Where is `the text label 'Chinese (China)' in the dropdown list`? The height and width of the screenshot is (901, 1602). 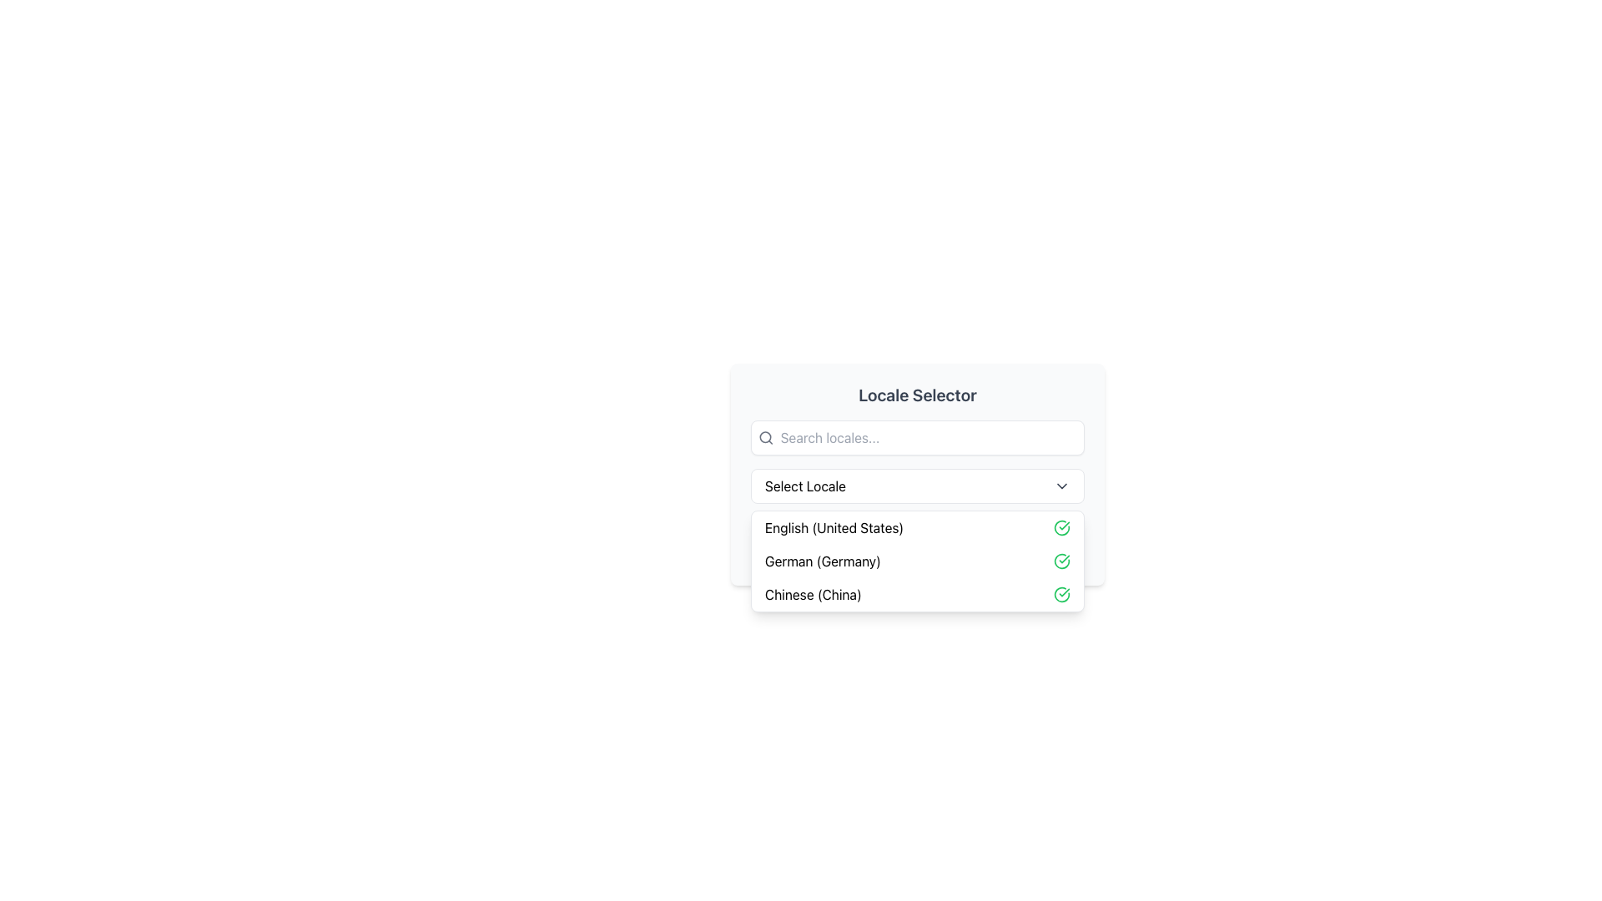
the text label 'Chinese (China)' in the dropdown list is located at coordinates (813, 594).